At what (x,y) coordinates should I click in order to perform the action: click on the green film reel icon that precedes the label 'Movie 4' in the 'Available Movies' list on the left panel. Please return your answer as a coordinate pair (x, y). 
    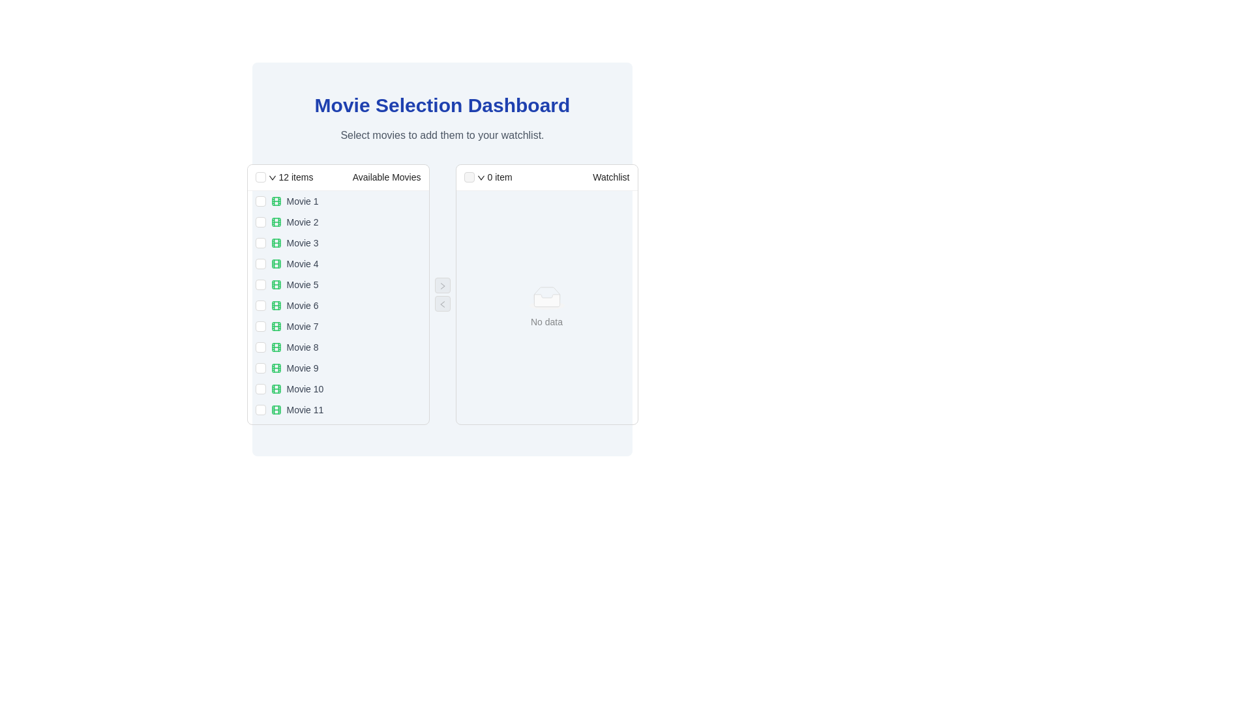
    Looking at the image, I should click on (275, 264).